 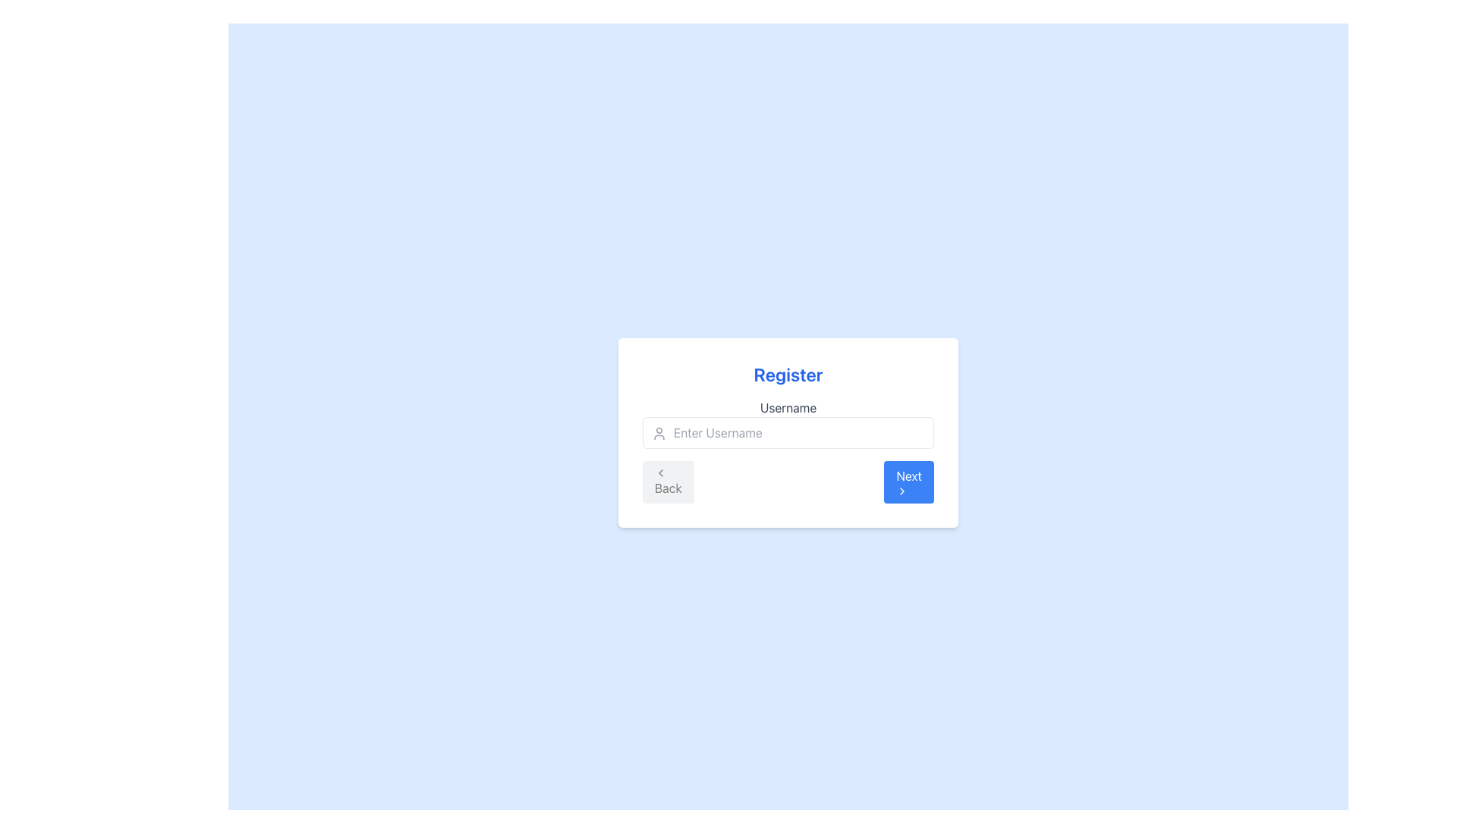 I want to click on the Text Label that indicates the username input field, which is positioned above the corresponding input field and slightly right-aligned within the form interface, so click(x=788, y=406).